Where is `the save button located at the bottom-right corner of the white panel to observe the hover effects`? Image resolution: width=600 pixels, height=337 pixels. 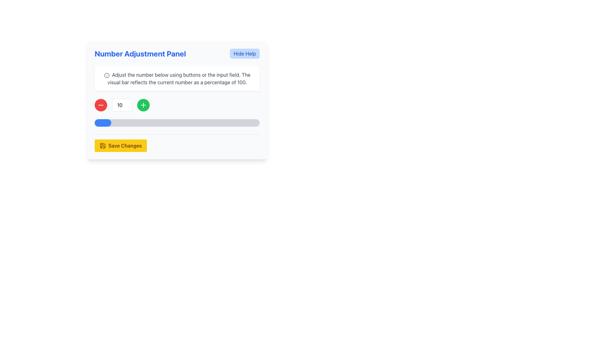 the save button located at the bottom-right corner of the white panel to observe the hover effects is located at coordinates (121, 145).